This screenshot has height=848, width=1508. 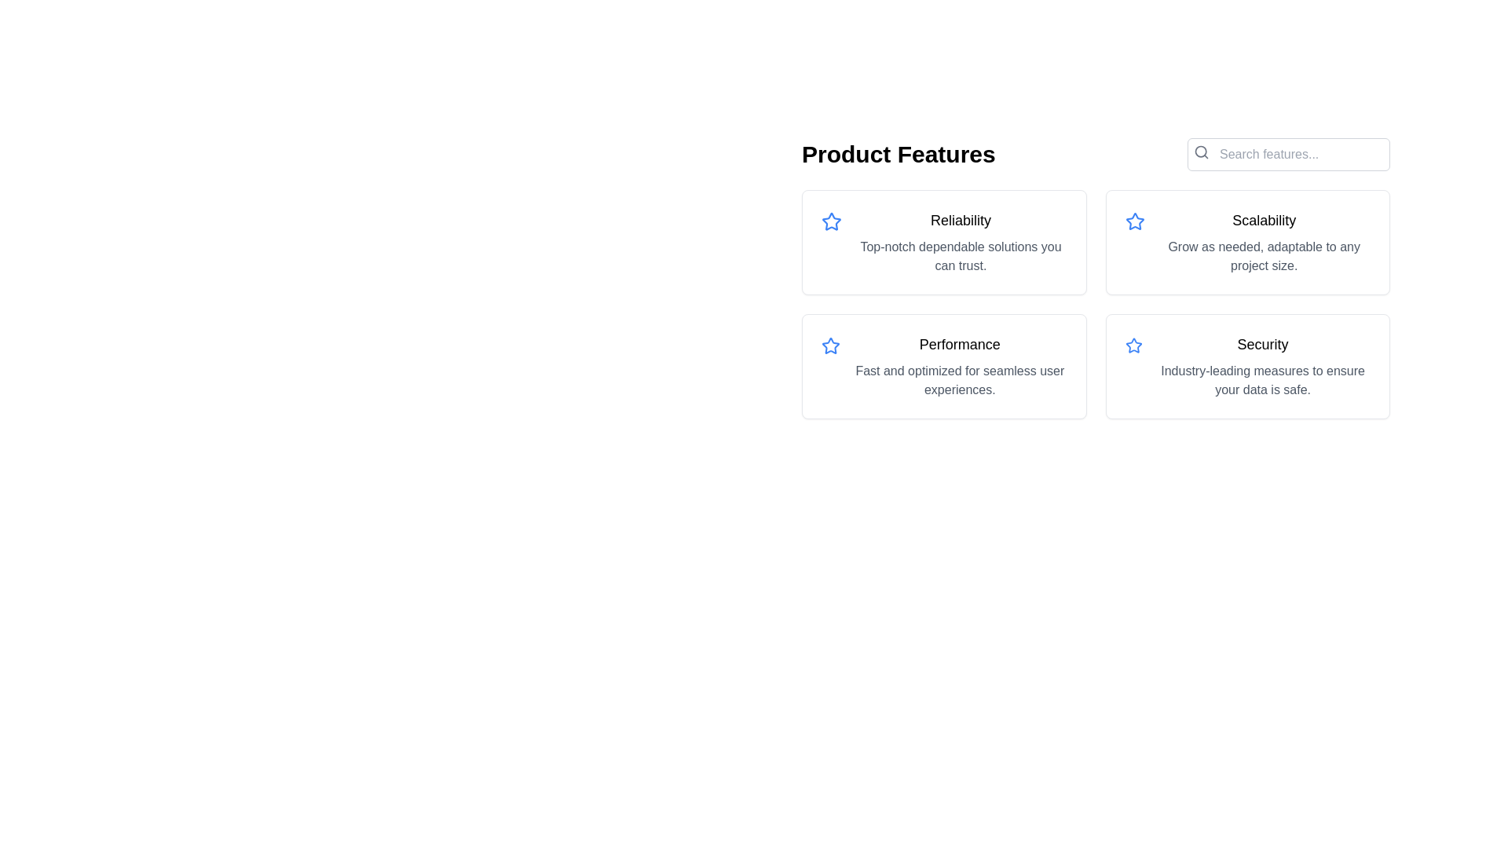 What do you see at coordinates (1263, 344) in the screenshot?
I see `the non-interactive text label that serves as a title for the associated feature description within the bottom-right card of the grid layout` at bounding box center [1263, 344].